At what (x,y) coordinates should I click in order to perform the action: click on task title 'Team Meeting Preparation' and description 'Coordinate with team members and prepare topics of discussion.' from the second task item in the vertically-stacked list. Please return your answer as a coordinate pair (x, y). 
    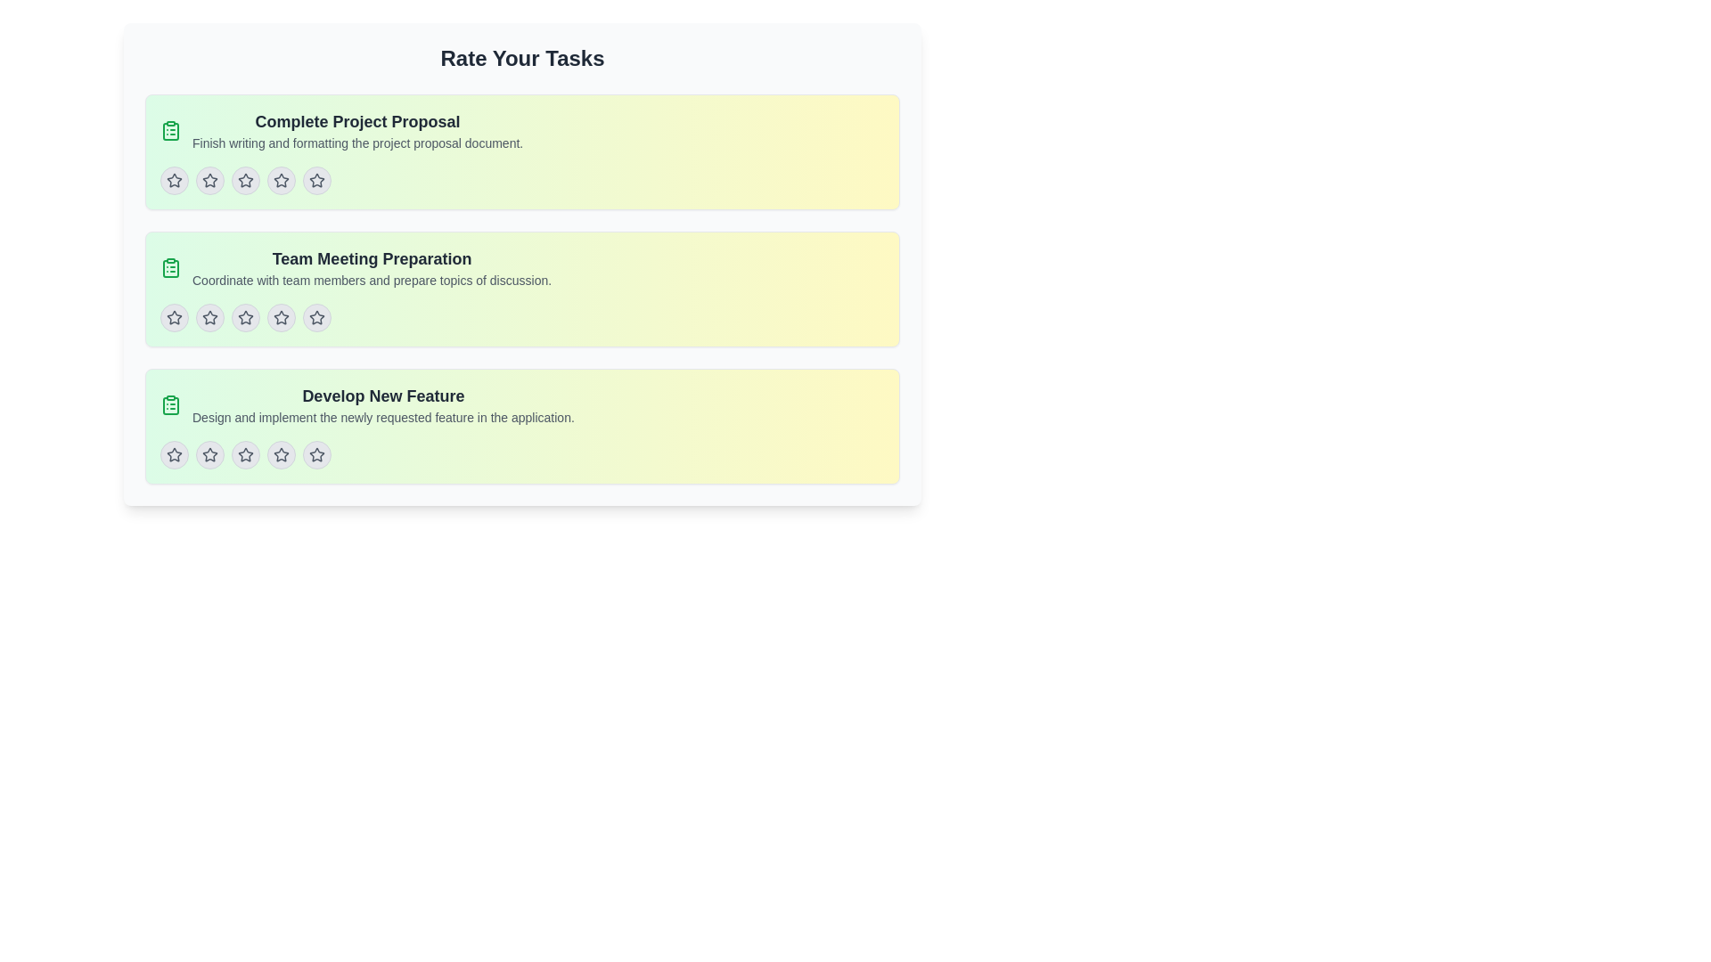
    Looking at the image, I should click on (371, 267).